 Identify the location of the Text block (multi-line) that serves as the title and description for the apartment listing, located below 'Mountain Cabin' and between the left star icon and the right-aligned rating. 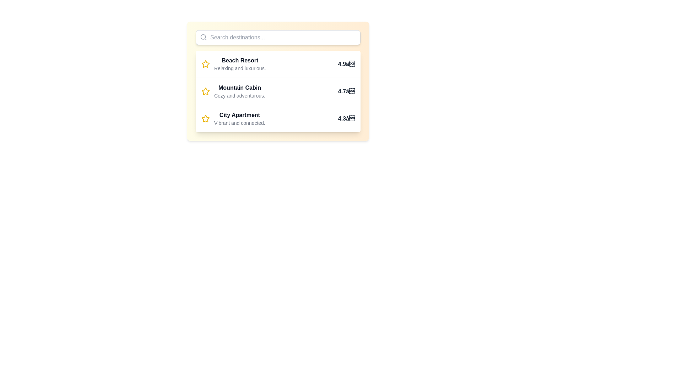
(239, 118).